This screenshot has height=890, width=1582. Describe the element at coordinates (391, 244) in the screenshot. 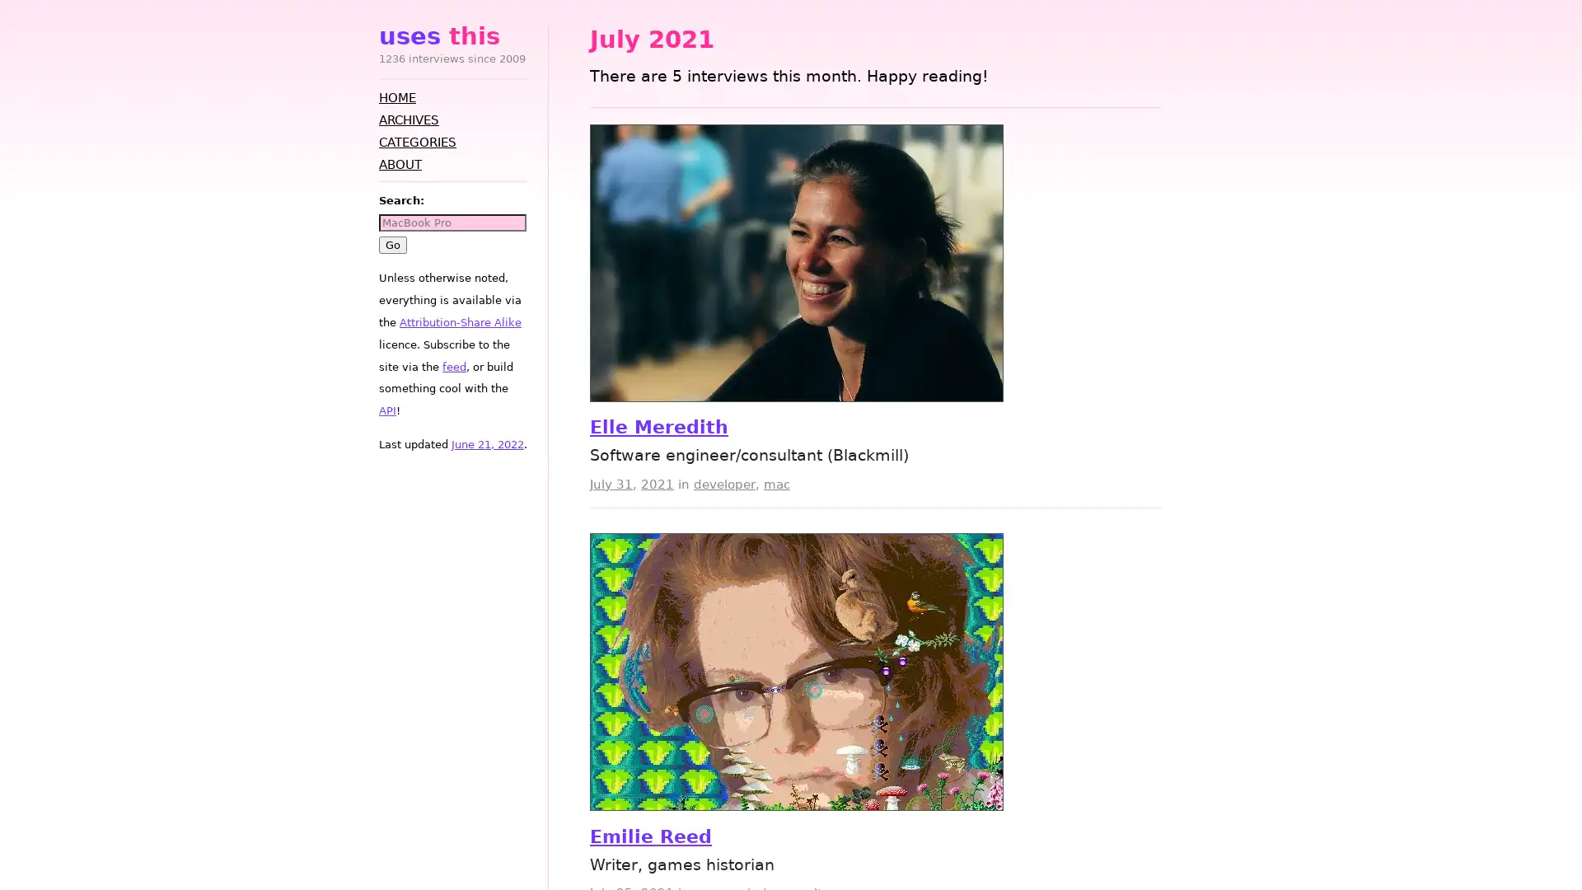

I see `Go` at that location.